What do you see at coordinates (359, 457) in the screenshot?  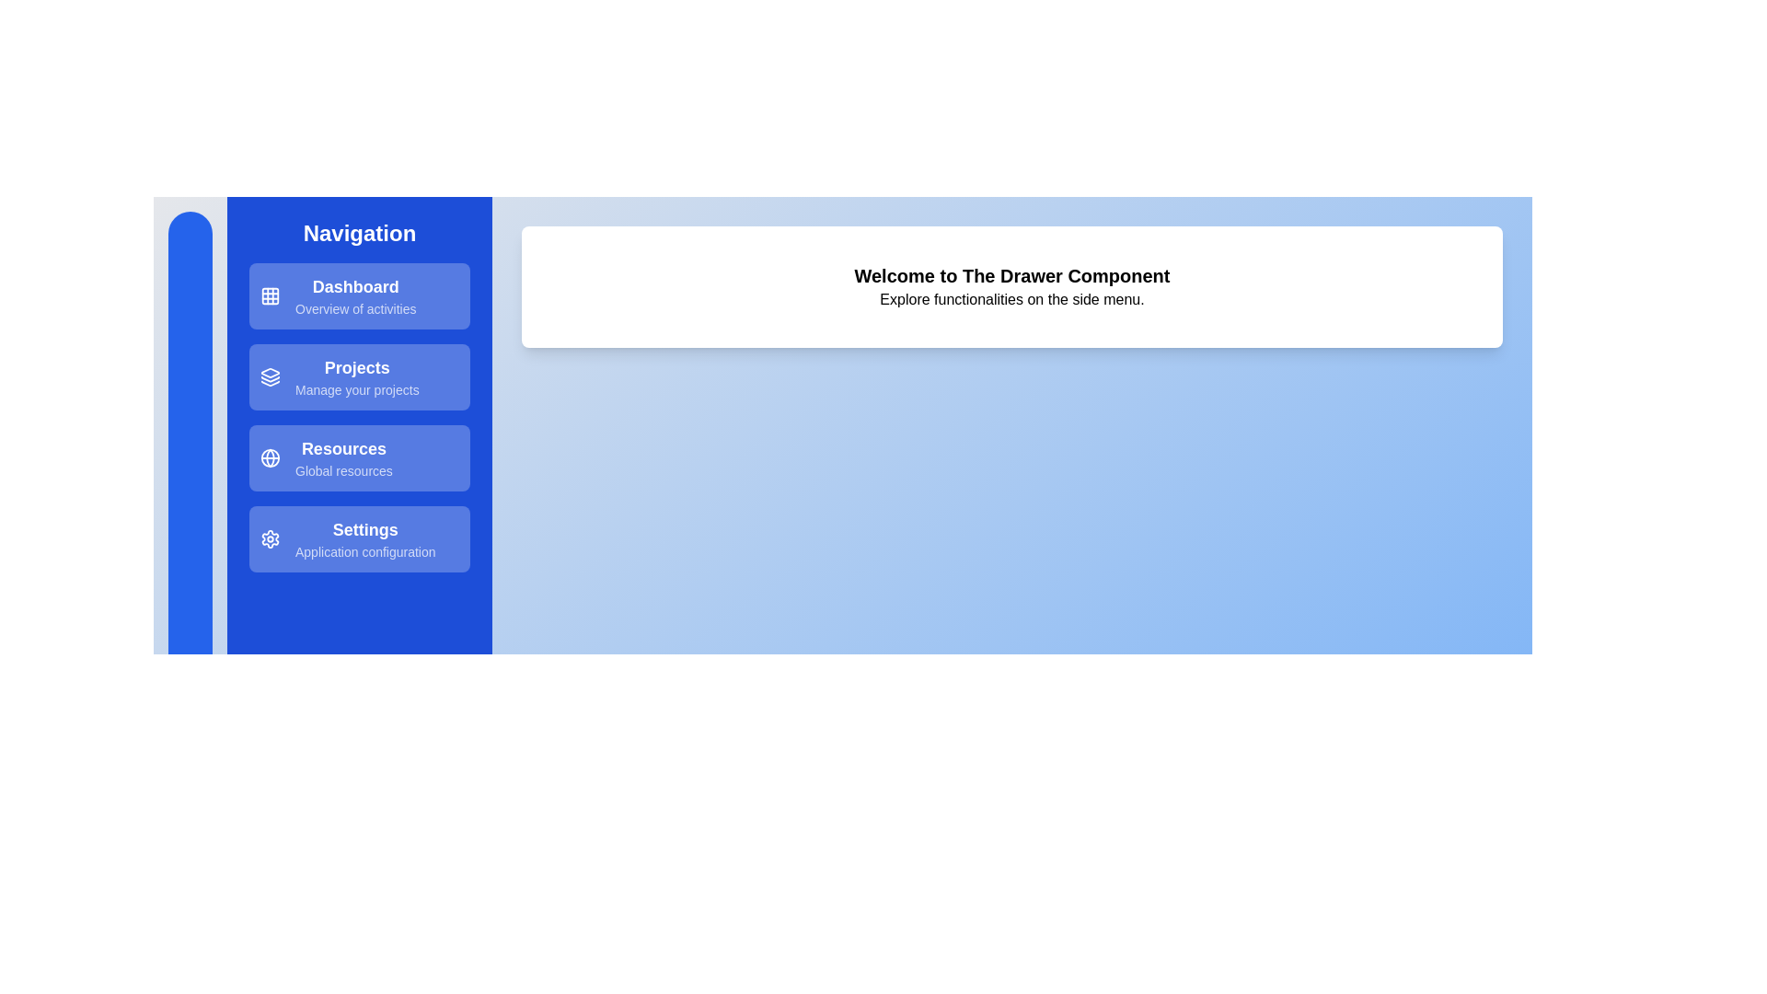 I see `the drawer item labeled 'Resources' to view additional feedback` at bounding box center [359, 457].